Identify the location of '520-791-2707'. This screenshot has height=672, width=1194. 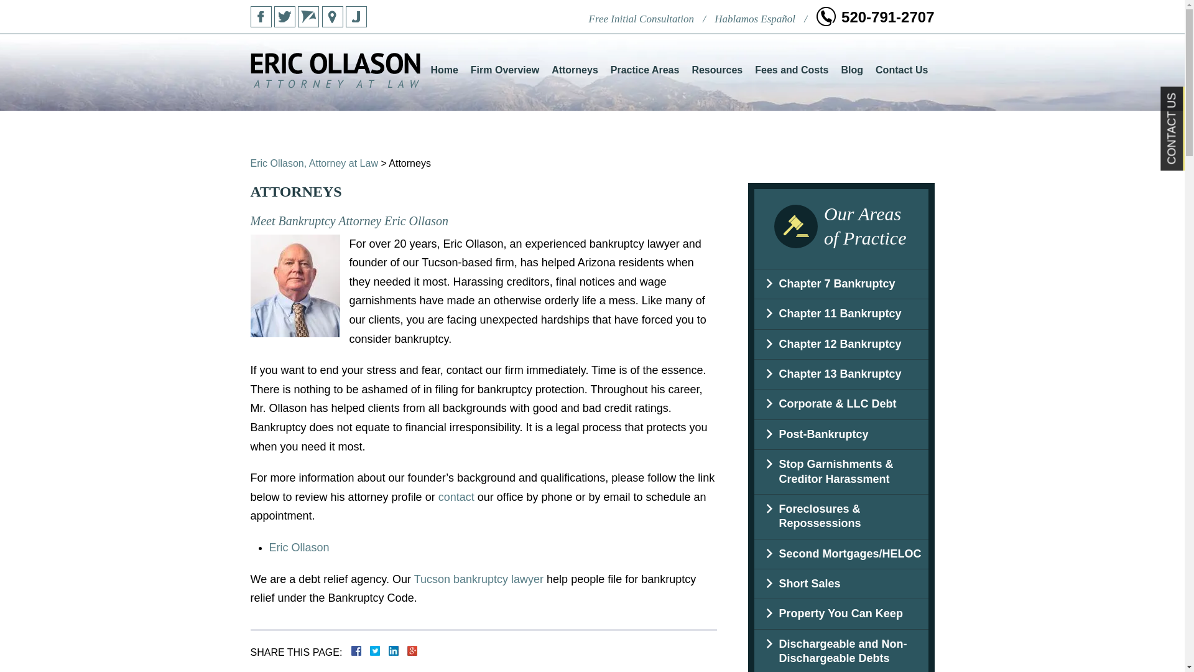
(815, 17).